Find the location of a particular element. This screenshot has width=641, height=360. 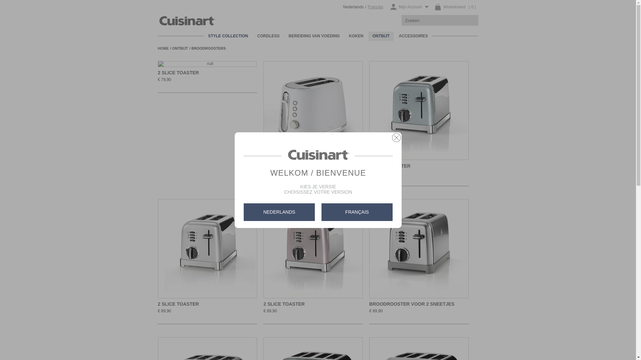

'ONTBIJT' is located at coordinates (381, 36).